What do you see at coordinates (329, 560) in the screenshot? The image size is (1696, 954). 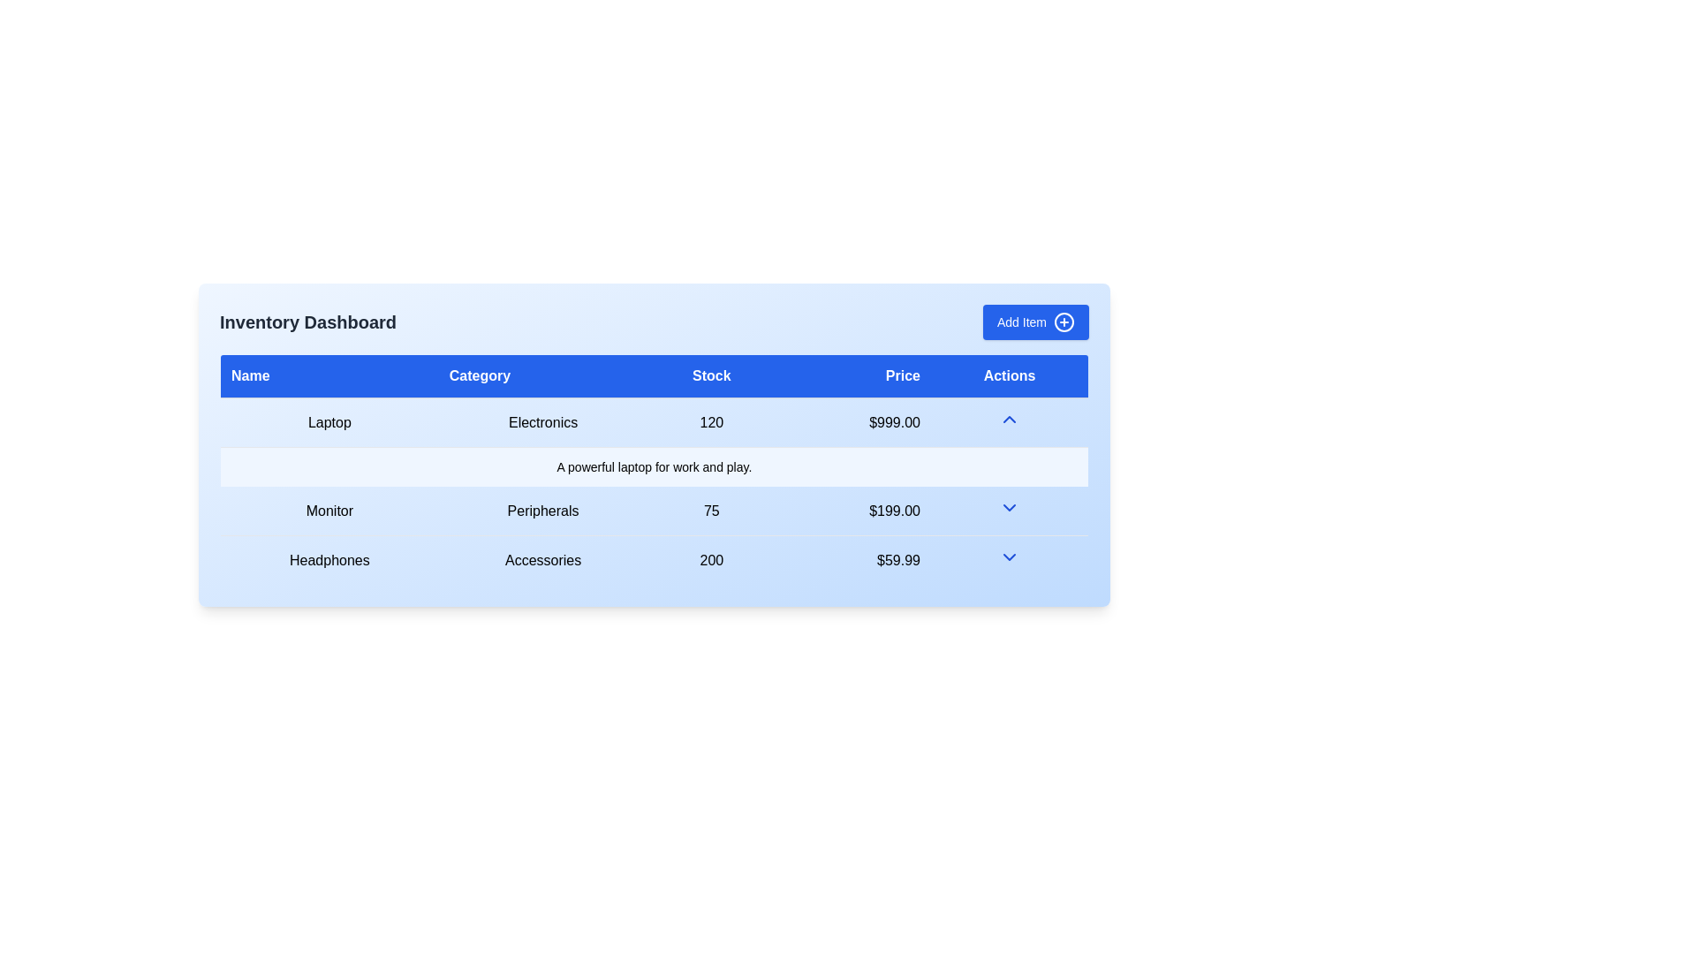 I see `the Text label displaying 'HeadphonesAccessories200$59.99' located in the third row under the 'Name' column` at bounding box center [329, 560].